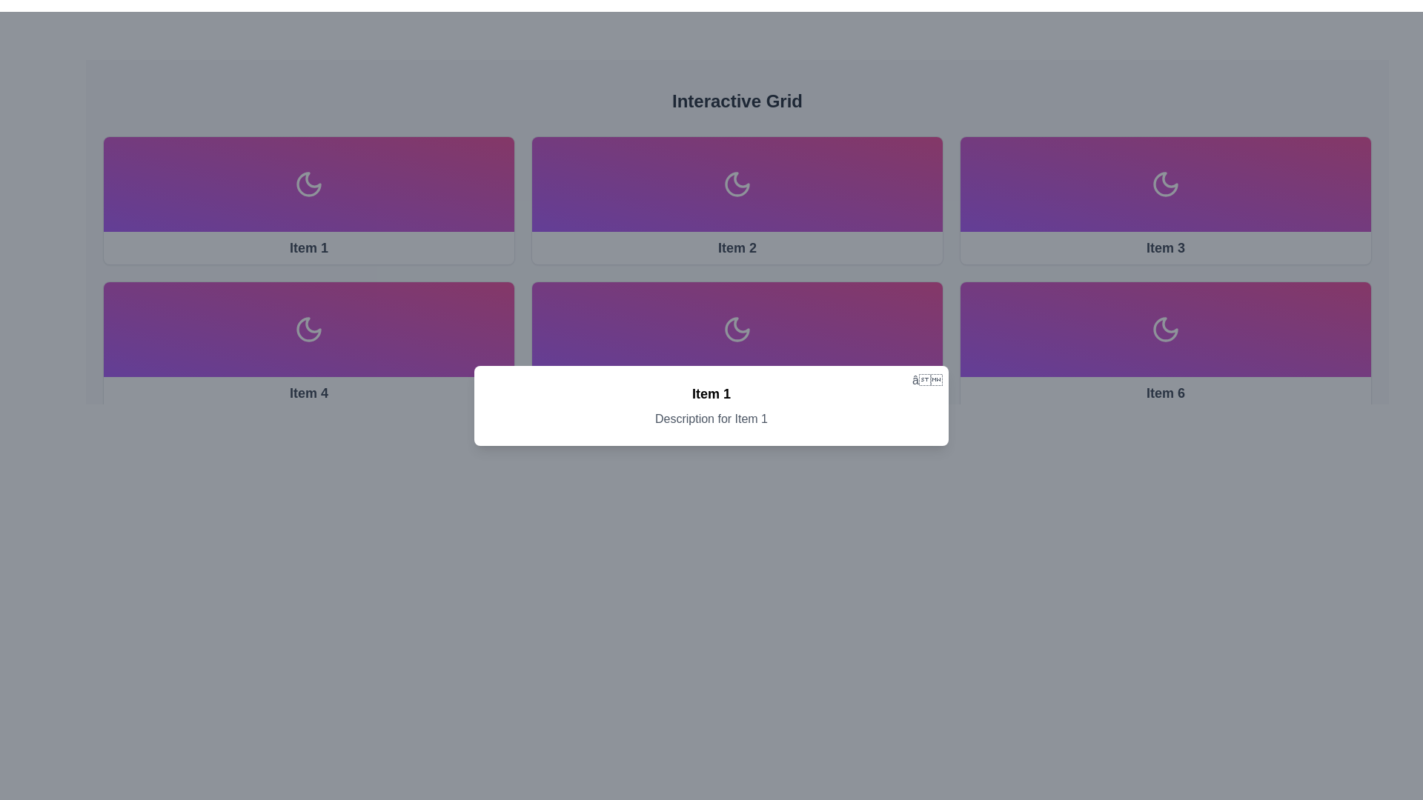  I want to click on the close button located at the top-right corner of the card displaying 'Item 1', so click(926, 379).